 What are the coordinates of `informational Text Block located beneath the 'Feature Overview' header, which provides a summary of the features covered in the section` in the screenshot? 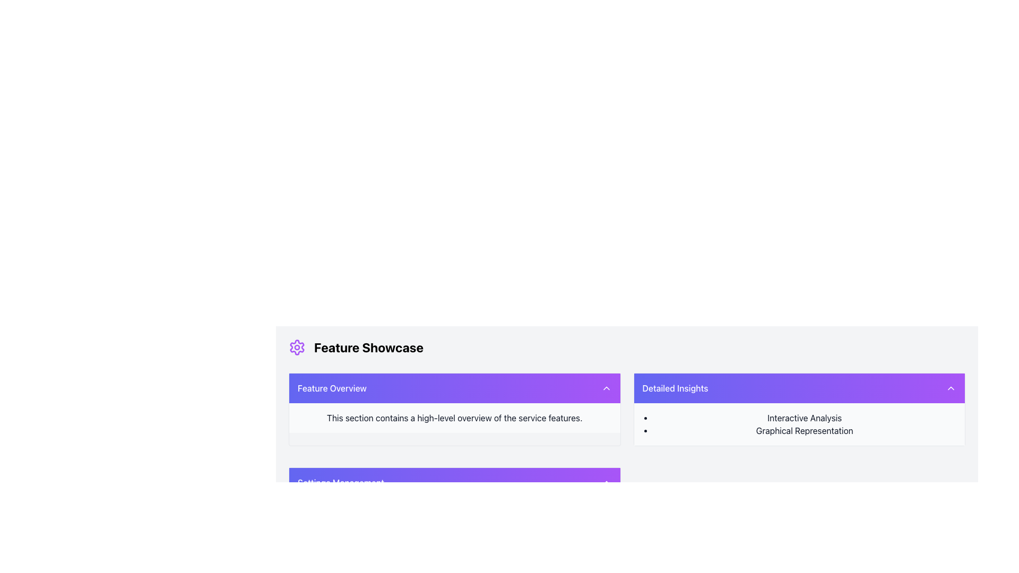 It's located at (454, 417).